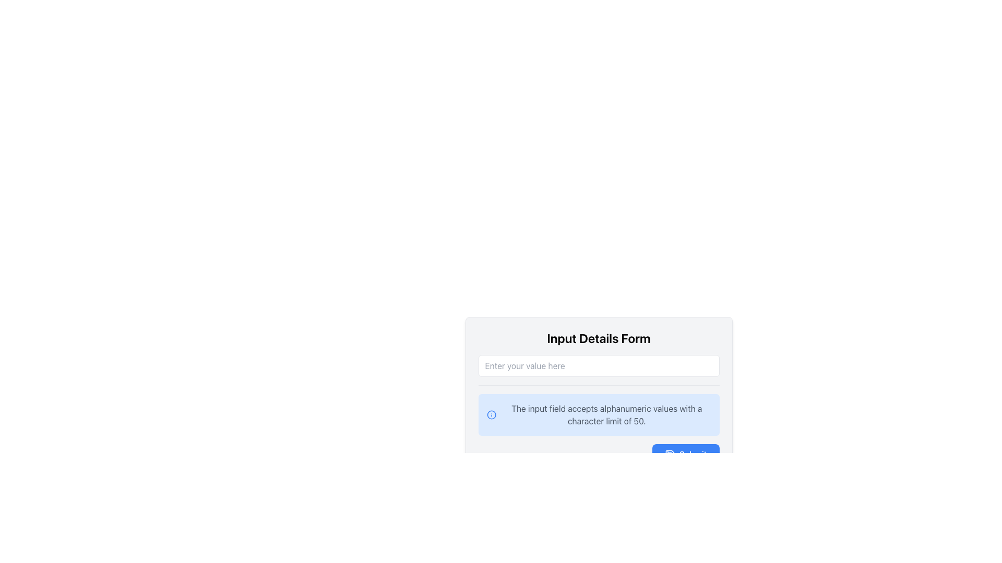 Image resolution: width=1002 pixels, height=563 pixels. Describe the element at coordinates (693, 454) in the screenshot. I see `text label that signifies the action of submitting the form, located centrally within the button at the bottom right of the form interface` at that location.